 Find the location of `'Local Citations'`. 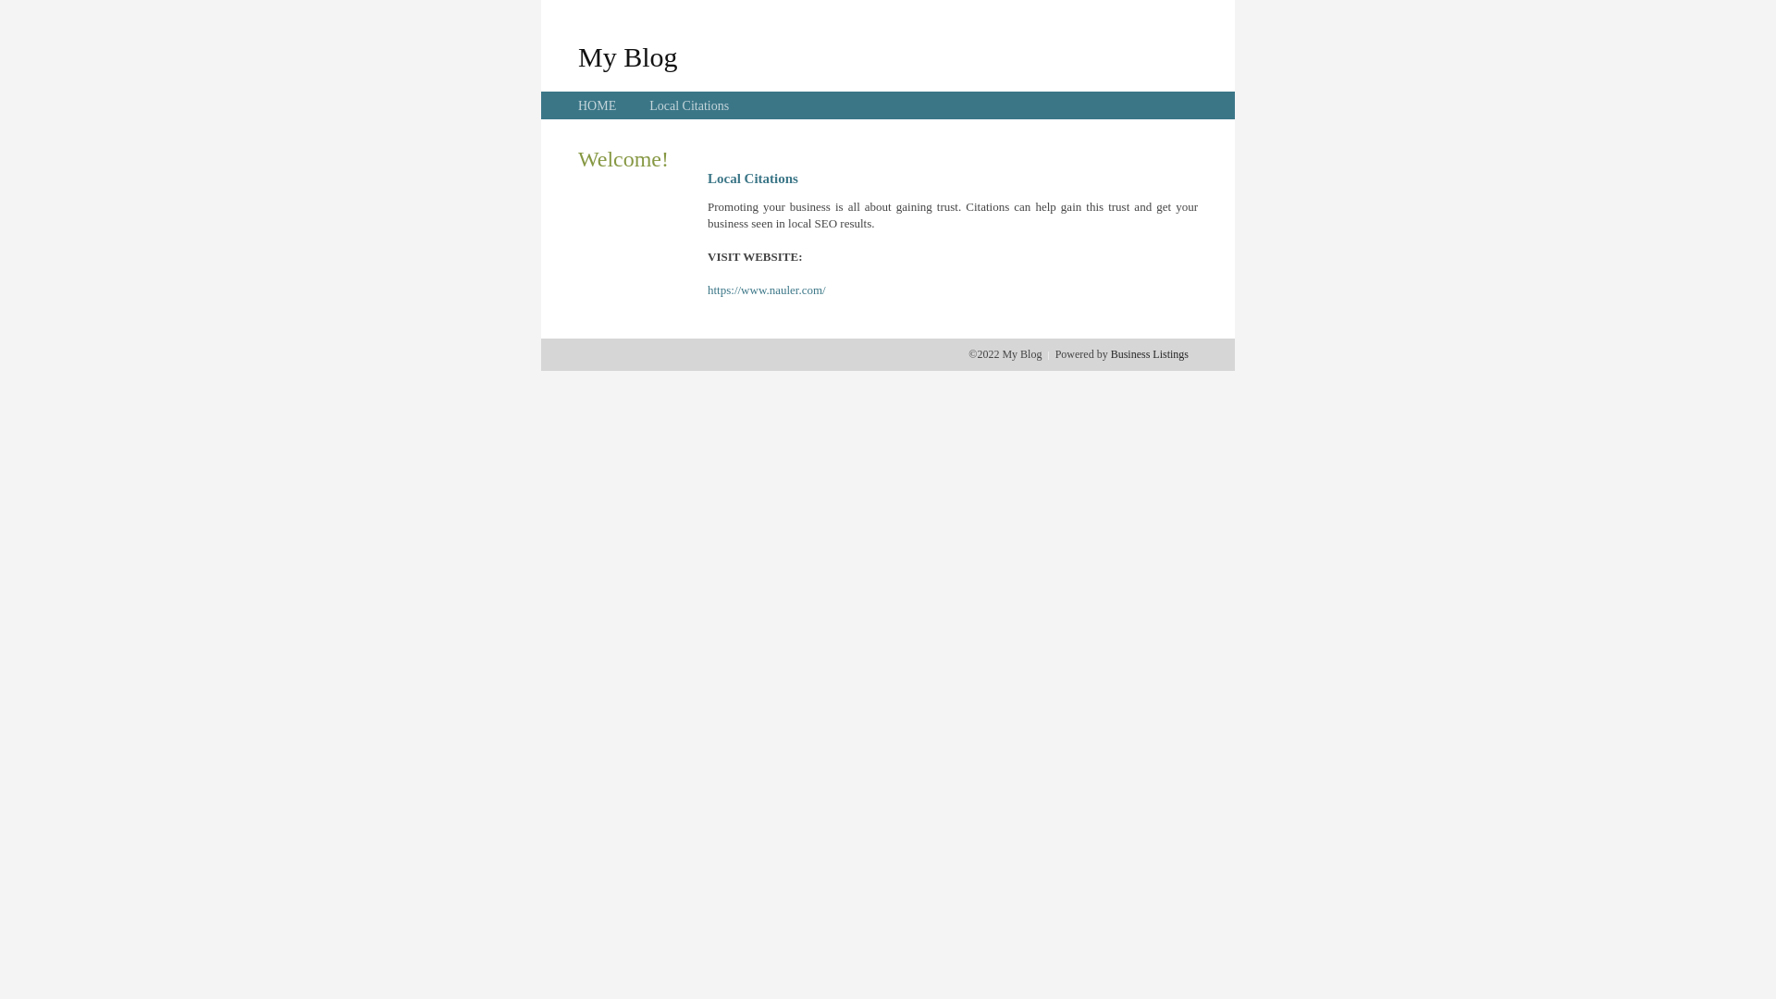

'Local Citations' is located at coordinates (687, 105).